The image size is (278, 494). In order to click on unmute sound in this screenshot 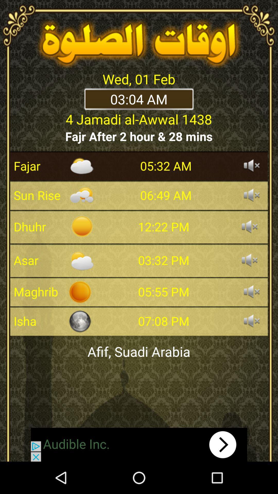, I will do `click(249, 226)`.